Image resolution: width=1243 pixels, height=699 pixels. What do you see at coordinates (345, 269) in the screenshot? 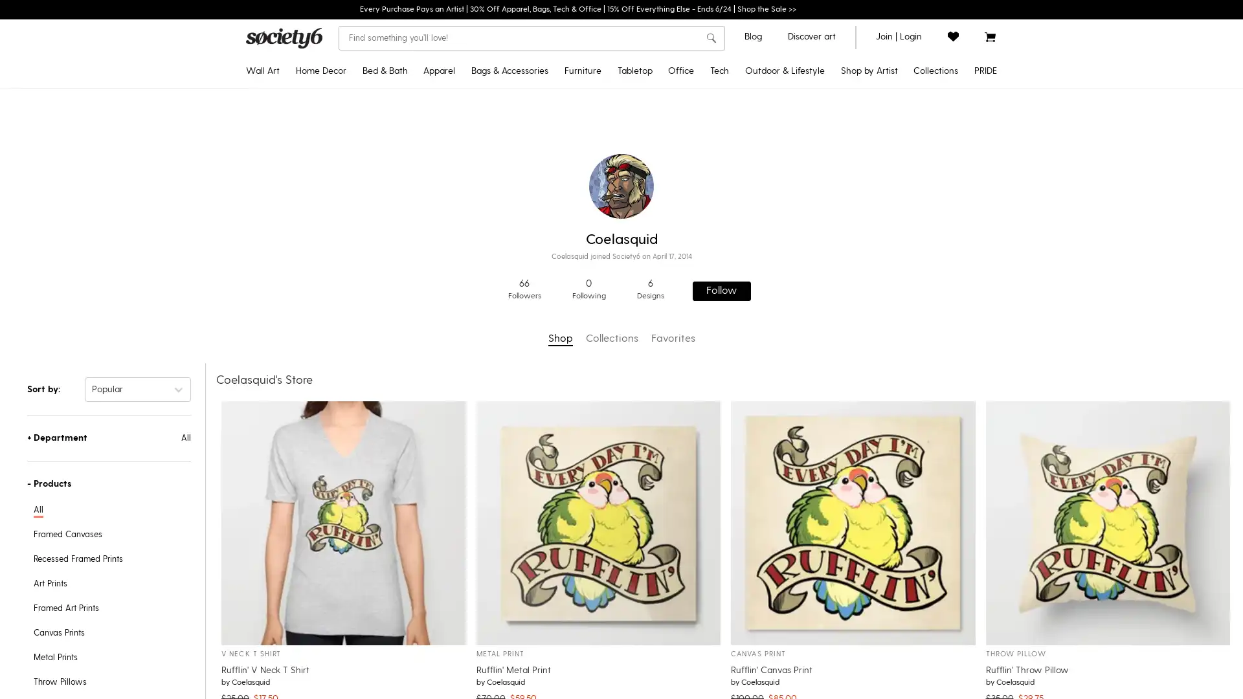
I see `Rugs` at bounding box center [345, 269].